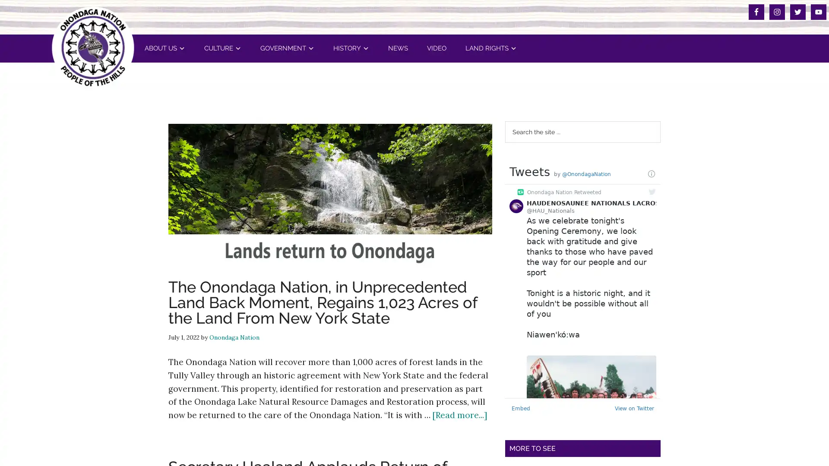 Image resolution: width=829 pixels, height=466 pixels. What do you see at coordinates (660, 120) in the screenshot?
I see `Search` at bounding box center [660, 120].